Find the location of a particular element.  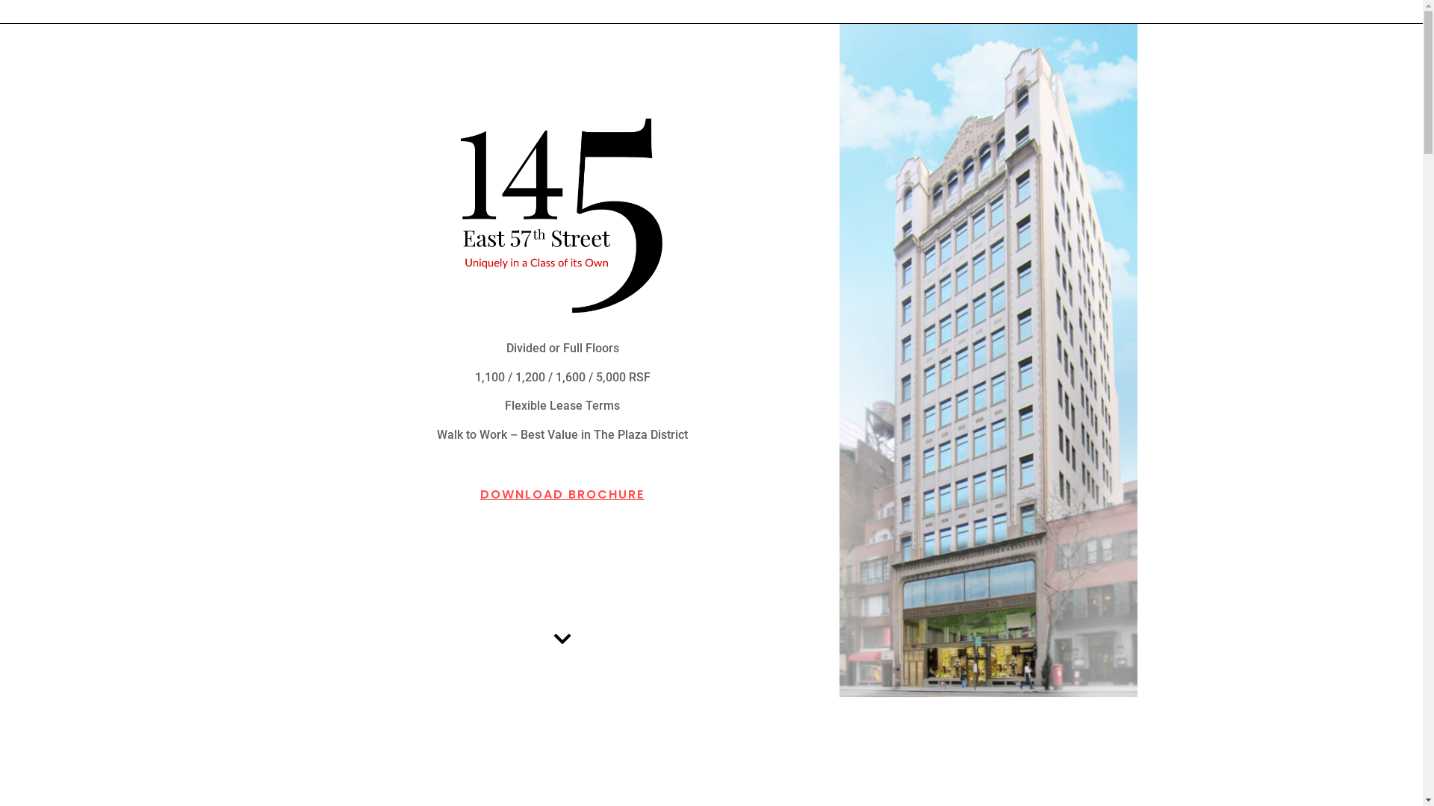

'DOWNLOAD BROCHURE' is located at coordinates (562, 487).